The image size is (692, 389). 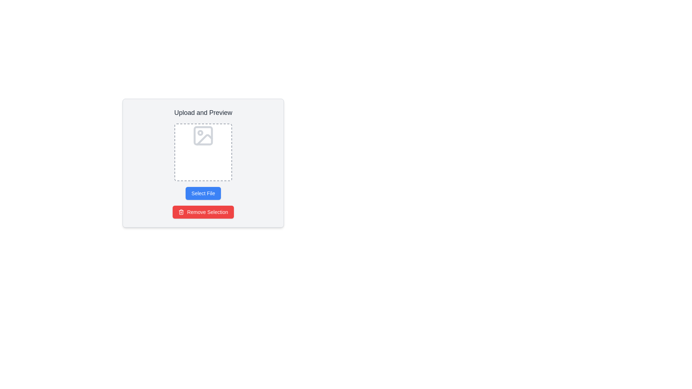 I want to click on the circular graphical element within the SVG graphic that is part of the image placeholder icon, so click(x=200, y=133).